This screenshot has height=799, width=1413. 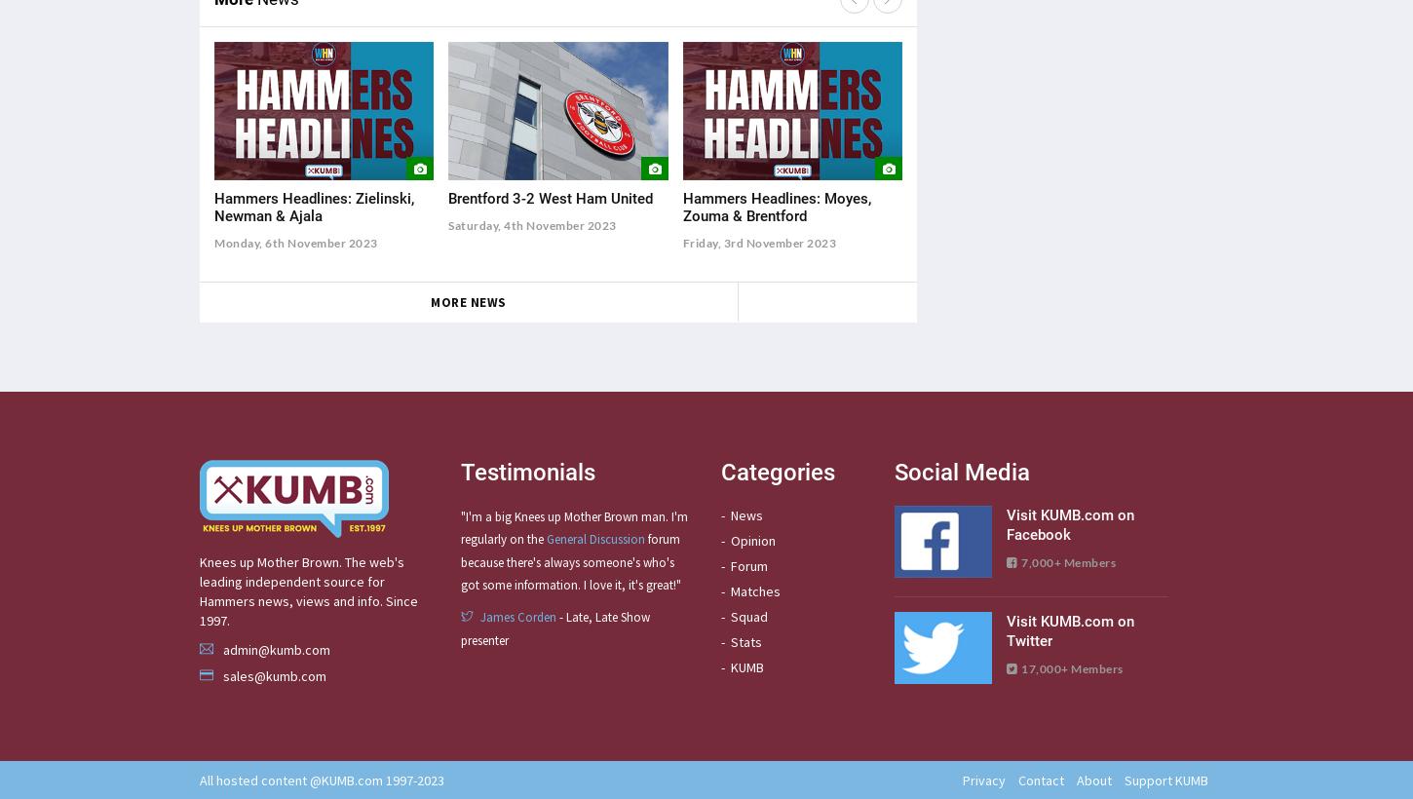 What do you see at coordinates (322, 780) in the screenshot?
I see `'All hosted content @KUMB.com 1997-2023'` at bounding box center [322, 780].